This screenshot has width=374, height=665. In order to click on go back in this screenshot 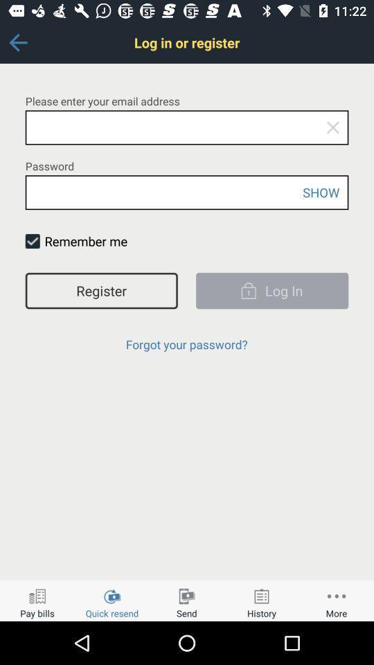, I will do `click(17, 42)`.